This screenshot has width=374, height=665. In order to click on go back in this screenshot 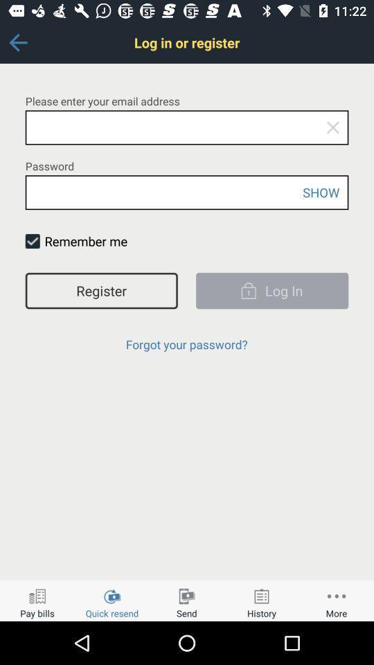, I will do `click(17, 42)`.